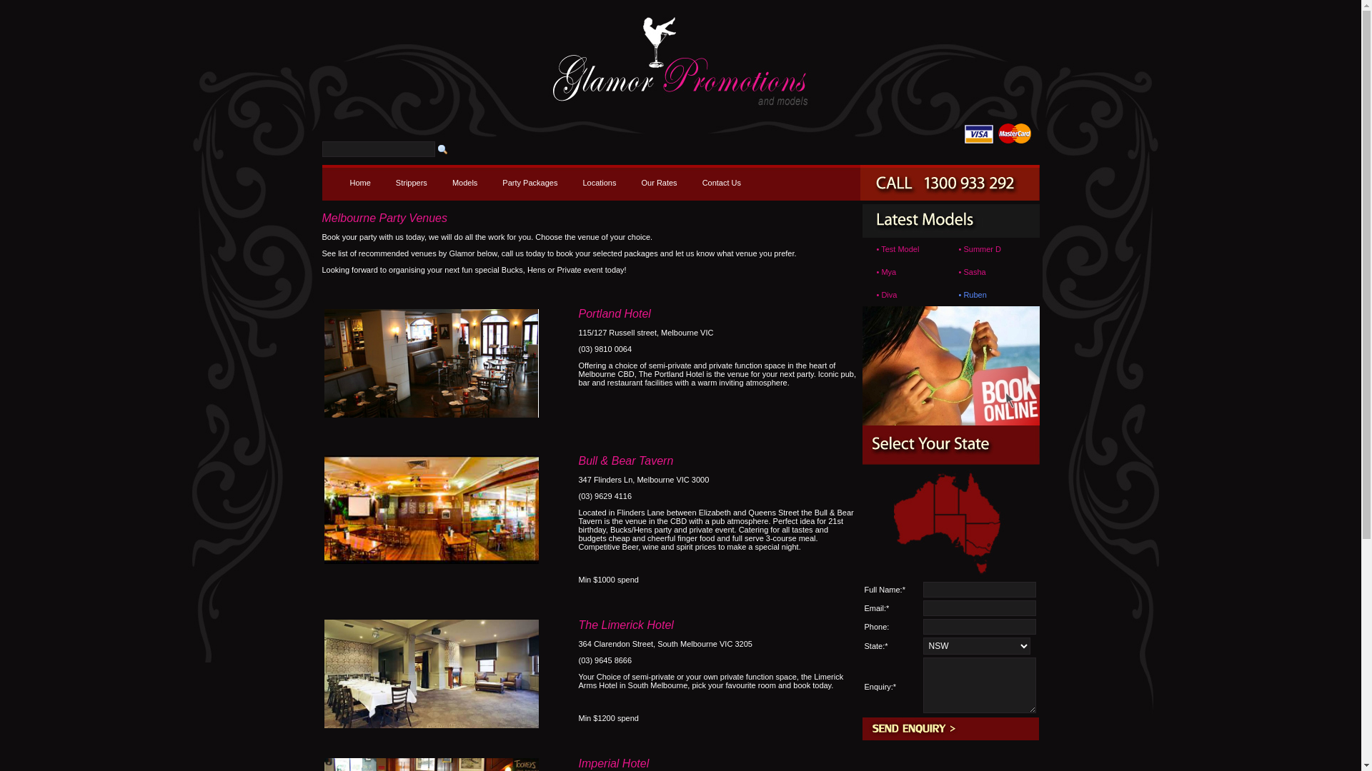 This screenshot has height=771, width=1372. I want to click on 'Portland Hotel Melbourne, perfect hens or bucks party venue', so click(431, 363).